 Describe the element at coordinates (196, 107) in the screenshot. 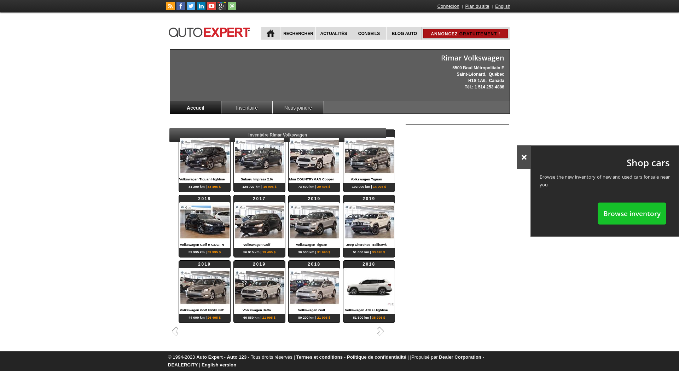

I see `'Accueil'` at that location.